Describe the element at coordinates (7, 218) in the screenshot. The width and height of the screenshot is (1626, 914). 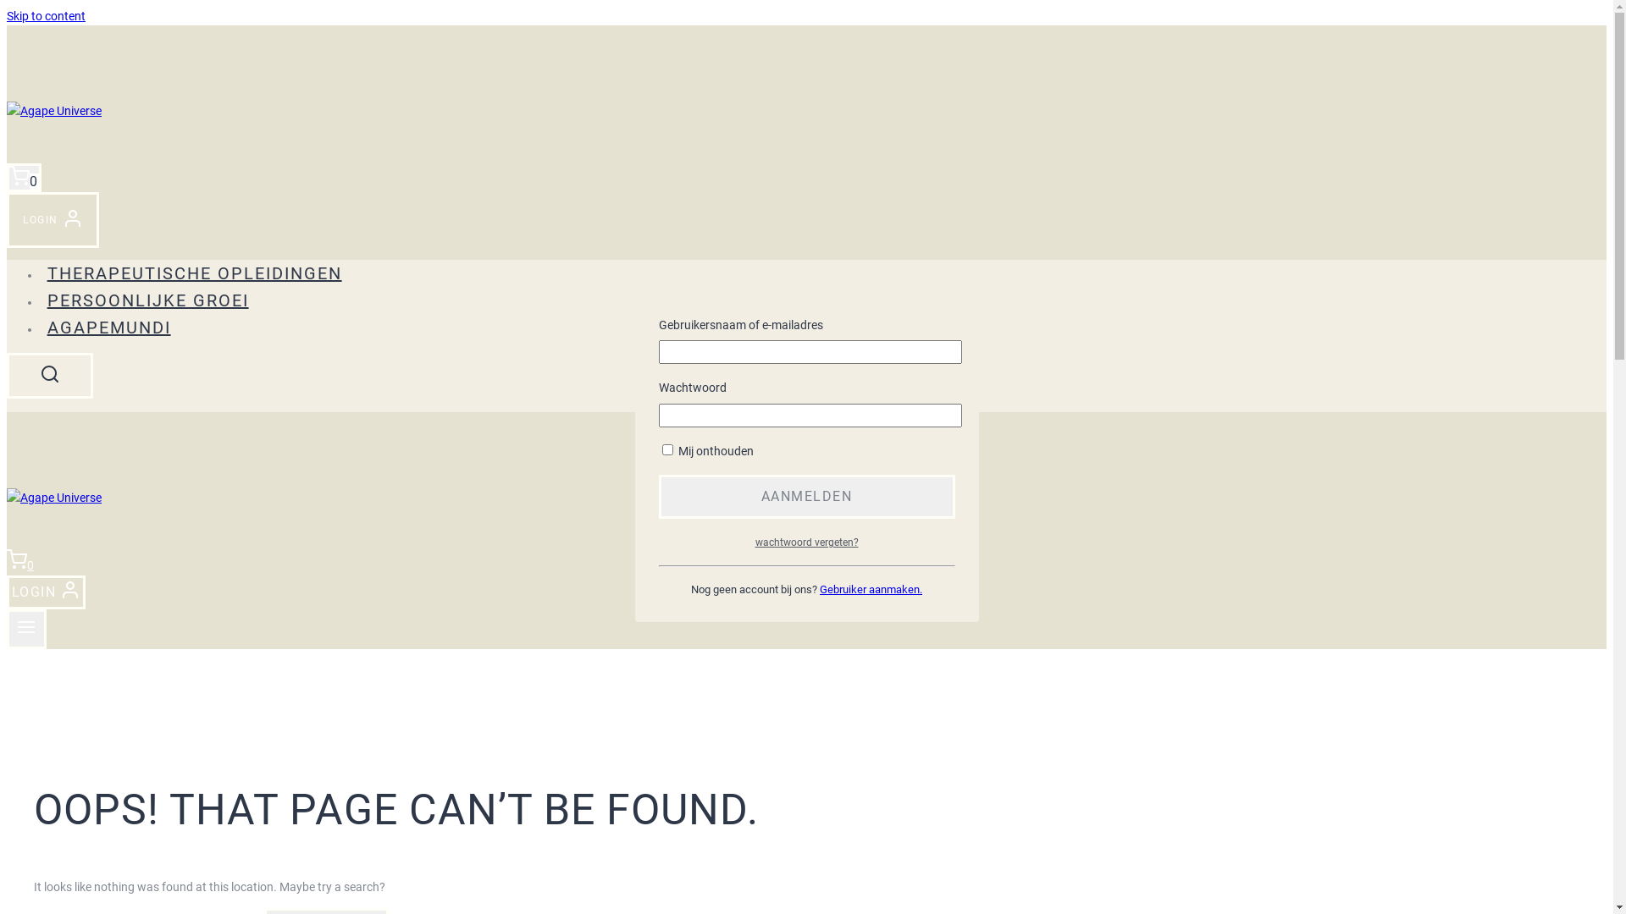
I see `'LOGIN` at that location.